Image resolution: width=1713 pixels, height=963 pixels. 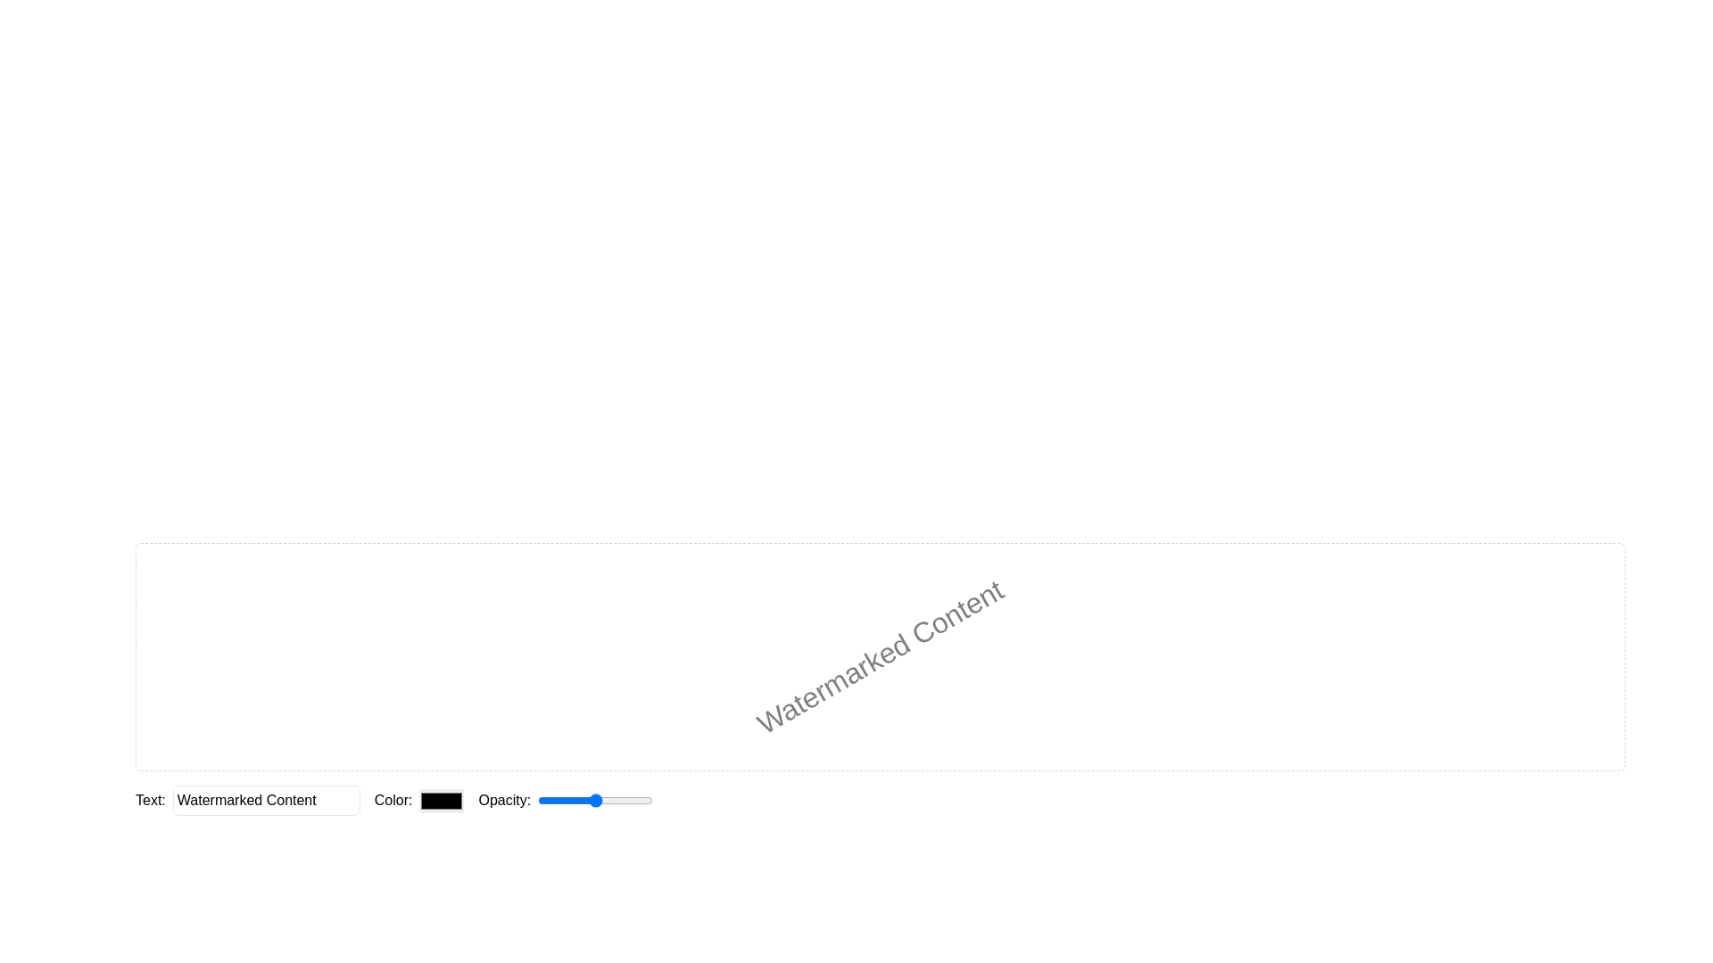 I want to click on the opacity value, so click(x=619, y=800).